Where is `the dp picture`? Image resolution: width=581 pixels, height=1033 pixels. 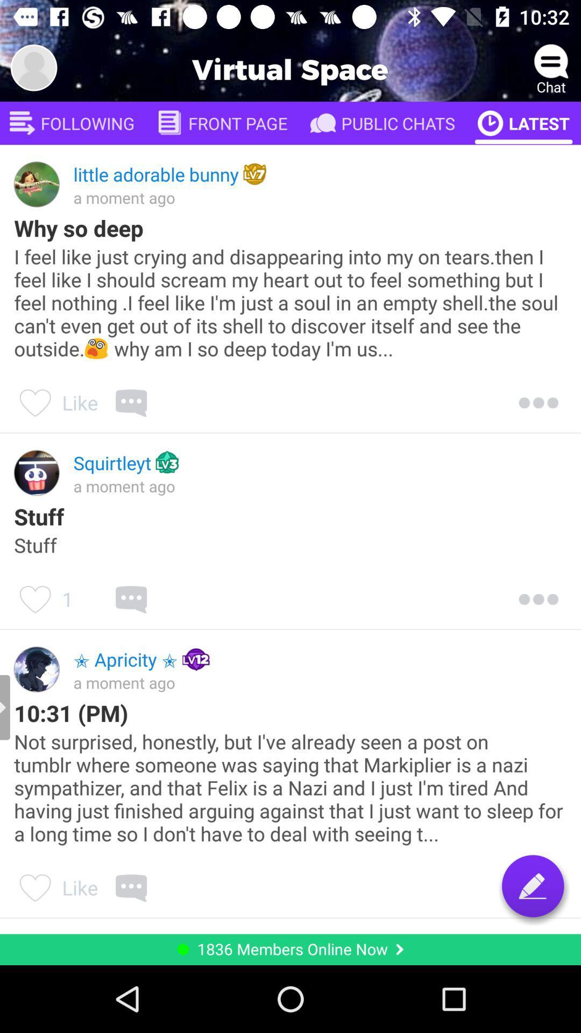
the dp picture is located at coordinates (33, 67).